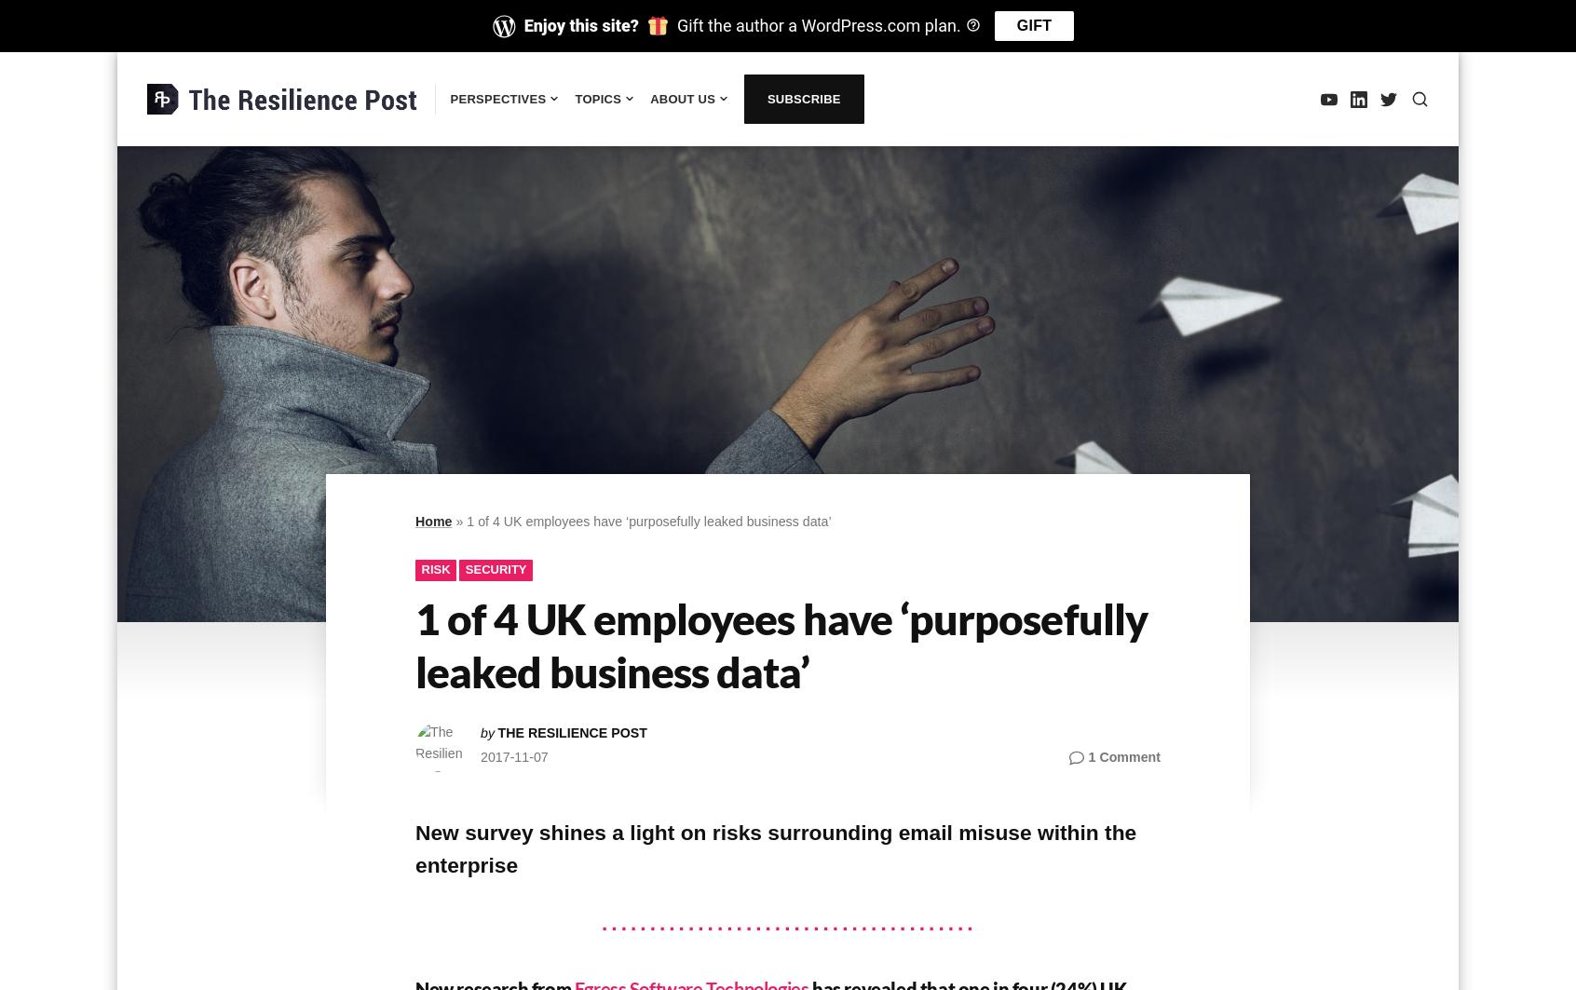  What do you see at coordinates (513, 755) in the screenshot?
I see `'2017-11-07'` at bounding box center [513, 755].